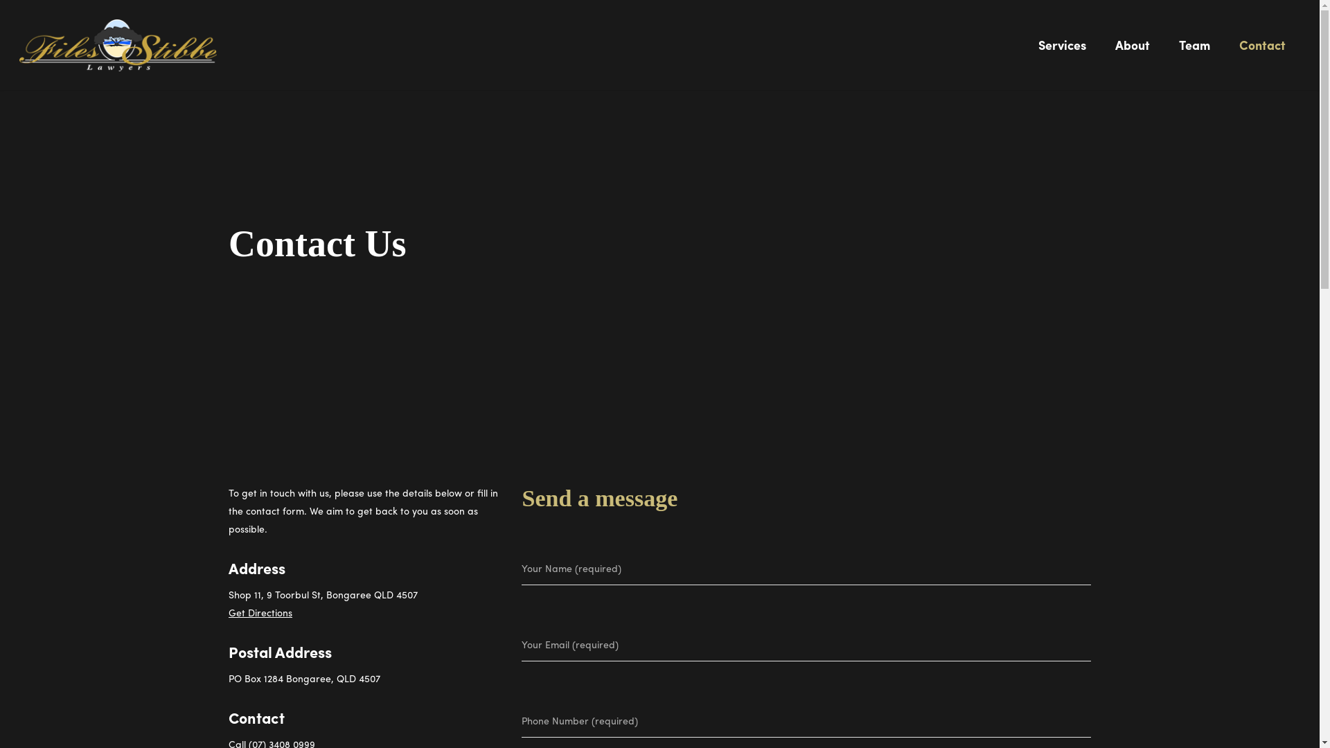  What do you see at coordinates (1225, 53) in the screenshot?
I see `'Contact'` at bounding box center [1225, 53].